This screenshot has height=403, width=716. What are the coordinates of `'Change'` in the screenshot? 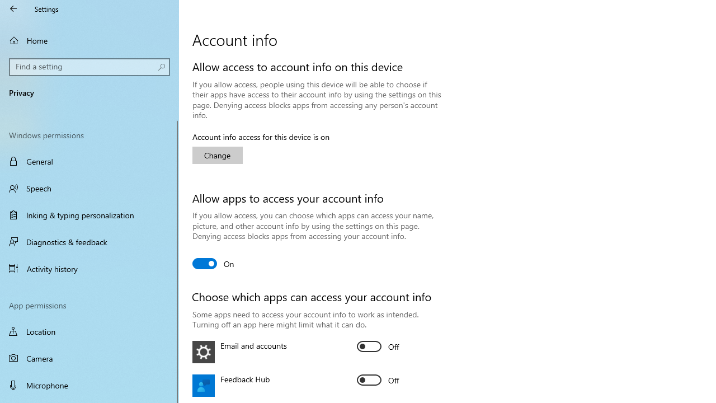 It's located at (218, 155).